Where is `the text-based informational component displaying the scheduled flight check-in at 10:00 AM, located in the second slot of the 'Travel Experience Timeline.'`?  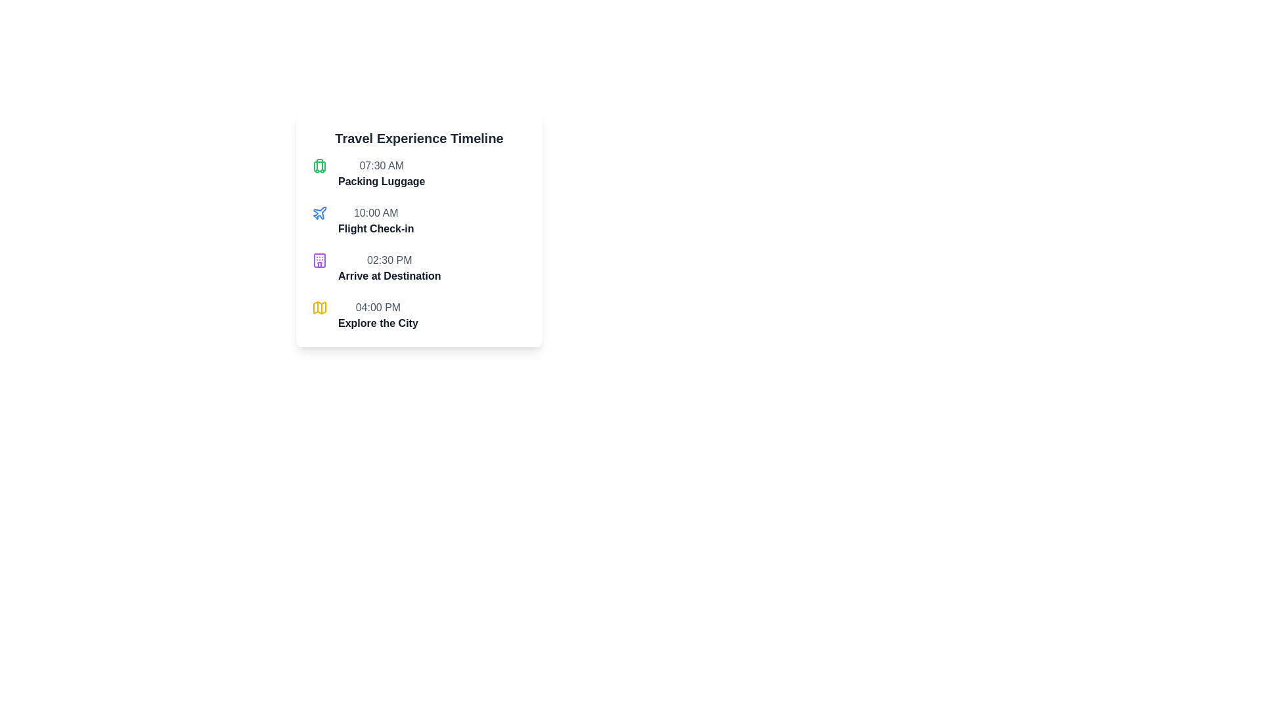 the text-based informational component displaying the scheduled flight check-in at 10:00 AM, located in the second slot of the 'Travel Experience Timeline.' is located at coordinates (375, 220).